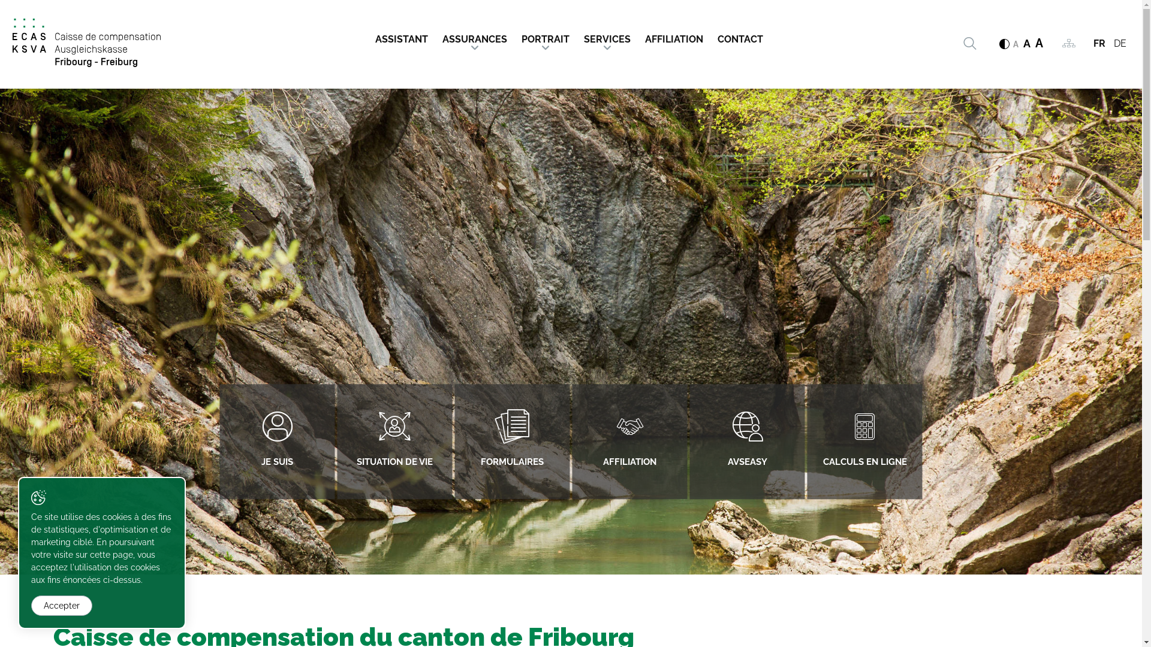 This screenshot has width=1151, height=647. Describe the element at coordinates (474, 35) in the screenshot. I see `'ASSURANCES'` at that location.